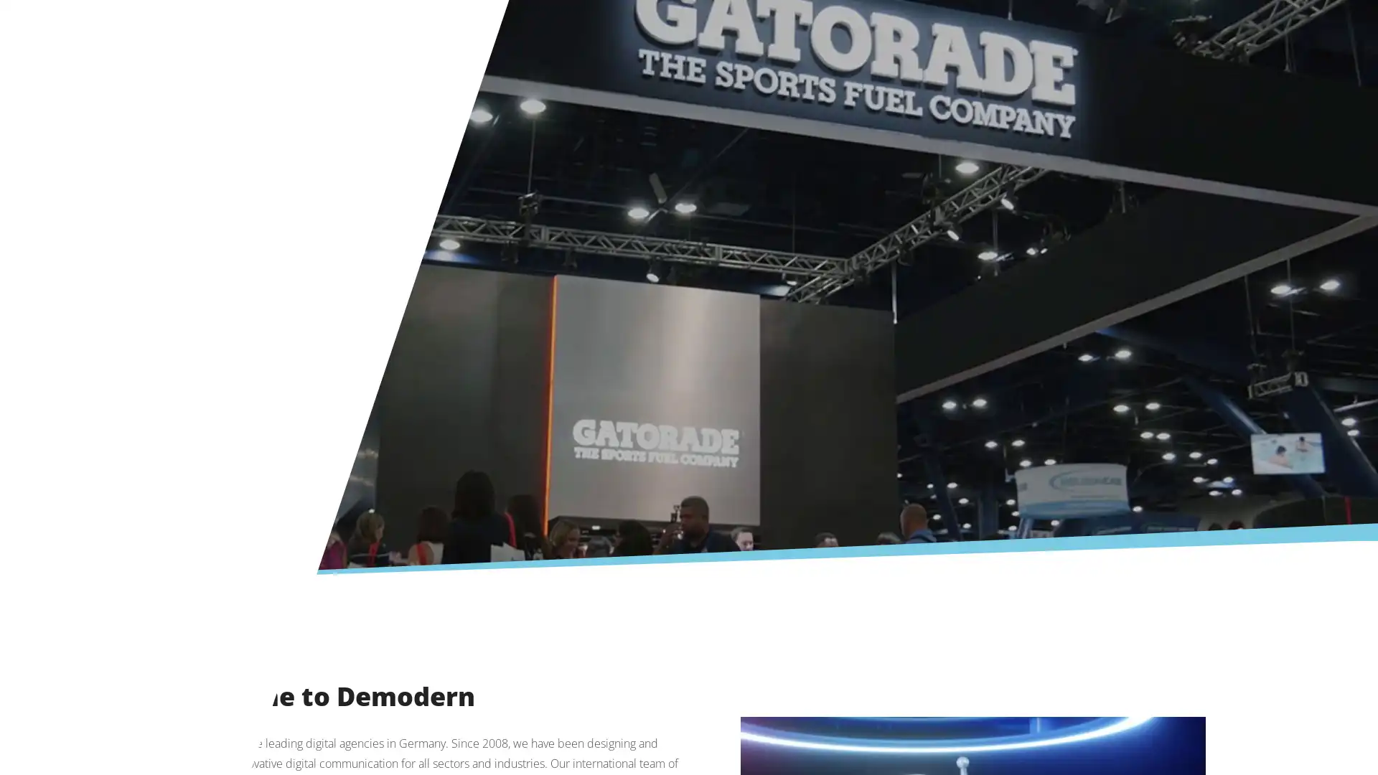 The height and width of the screenshot is (775, 1378). Describe the element at coordinates (1224, 743) in the screenshot. I see `Accept All` at that location.